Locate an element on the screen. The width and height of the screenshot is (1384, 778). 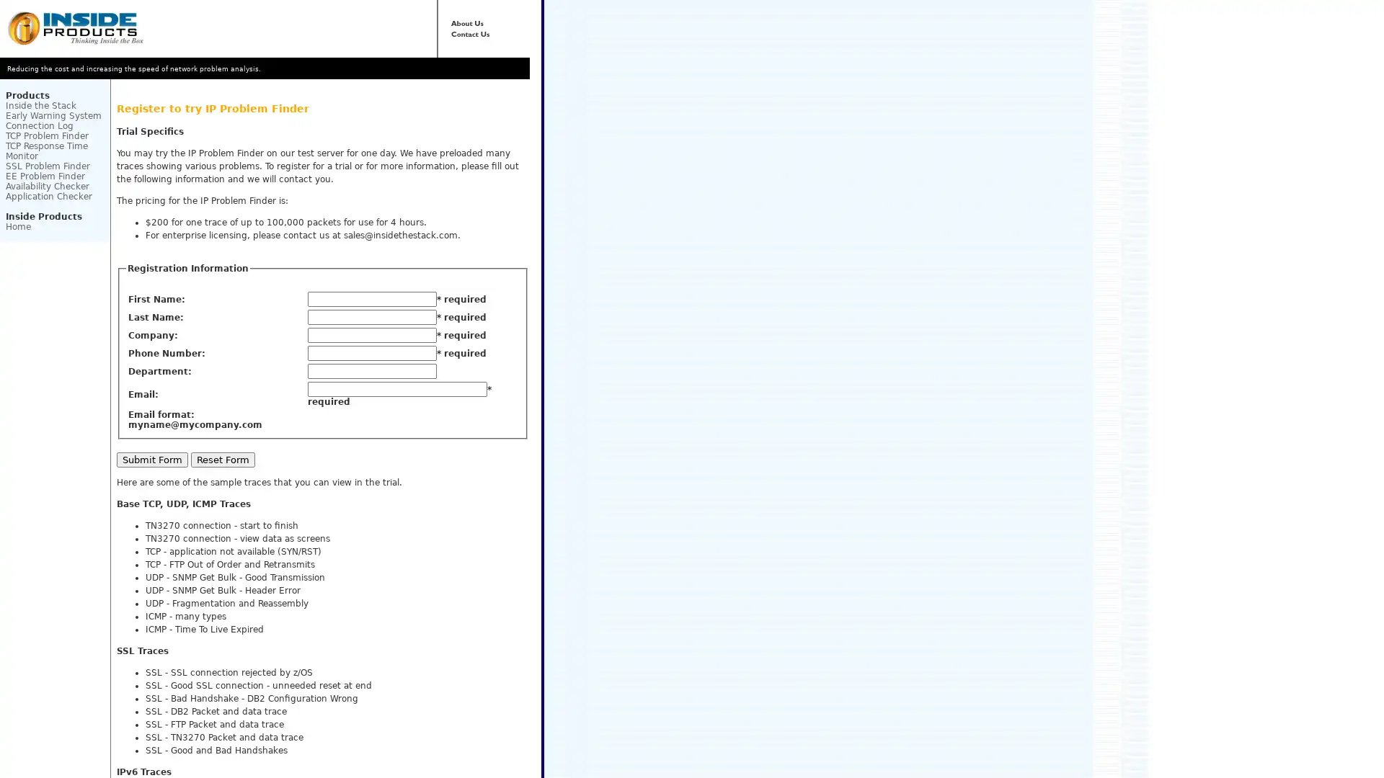
Reset Form is located at coordinates (222, 459).